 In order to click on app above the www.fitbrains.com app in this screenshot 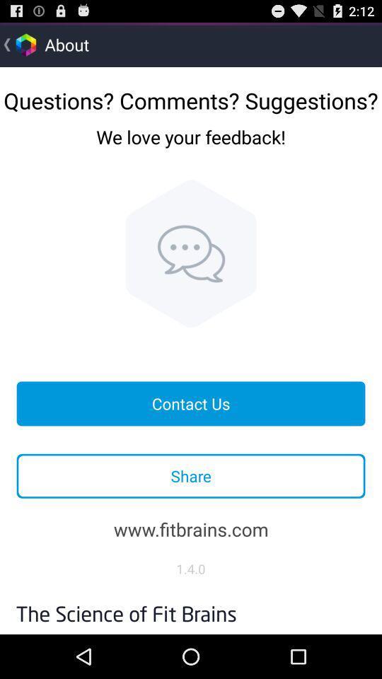, I will do `click(191, 476)`.